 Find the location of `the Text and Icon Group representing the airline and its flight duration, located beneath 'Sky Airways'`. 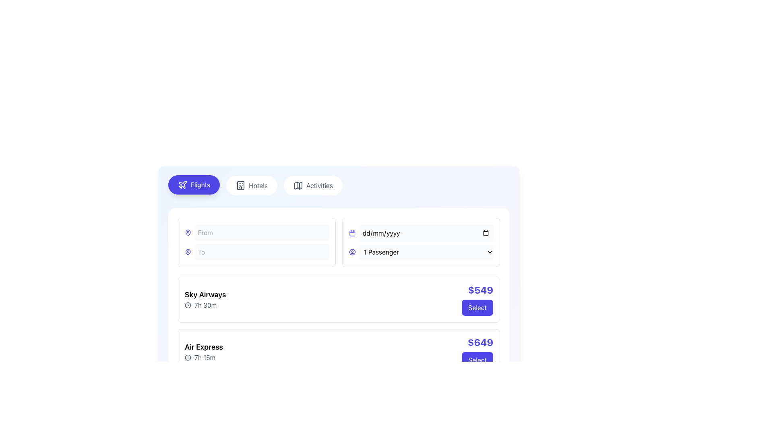

the Text and Icon Group representing the airline and its flight duration, located beneath 'Sky Airways' is located at coordinates (204, 352).